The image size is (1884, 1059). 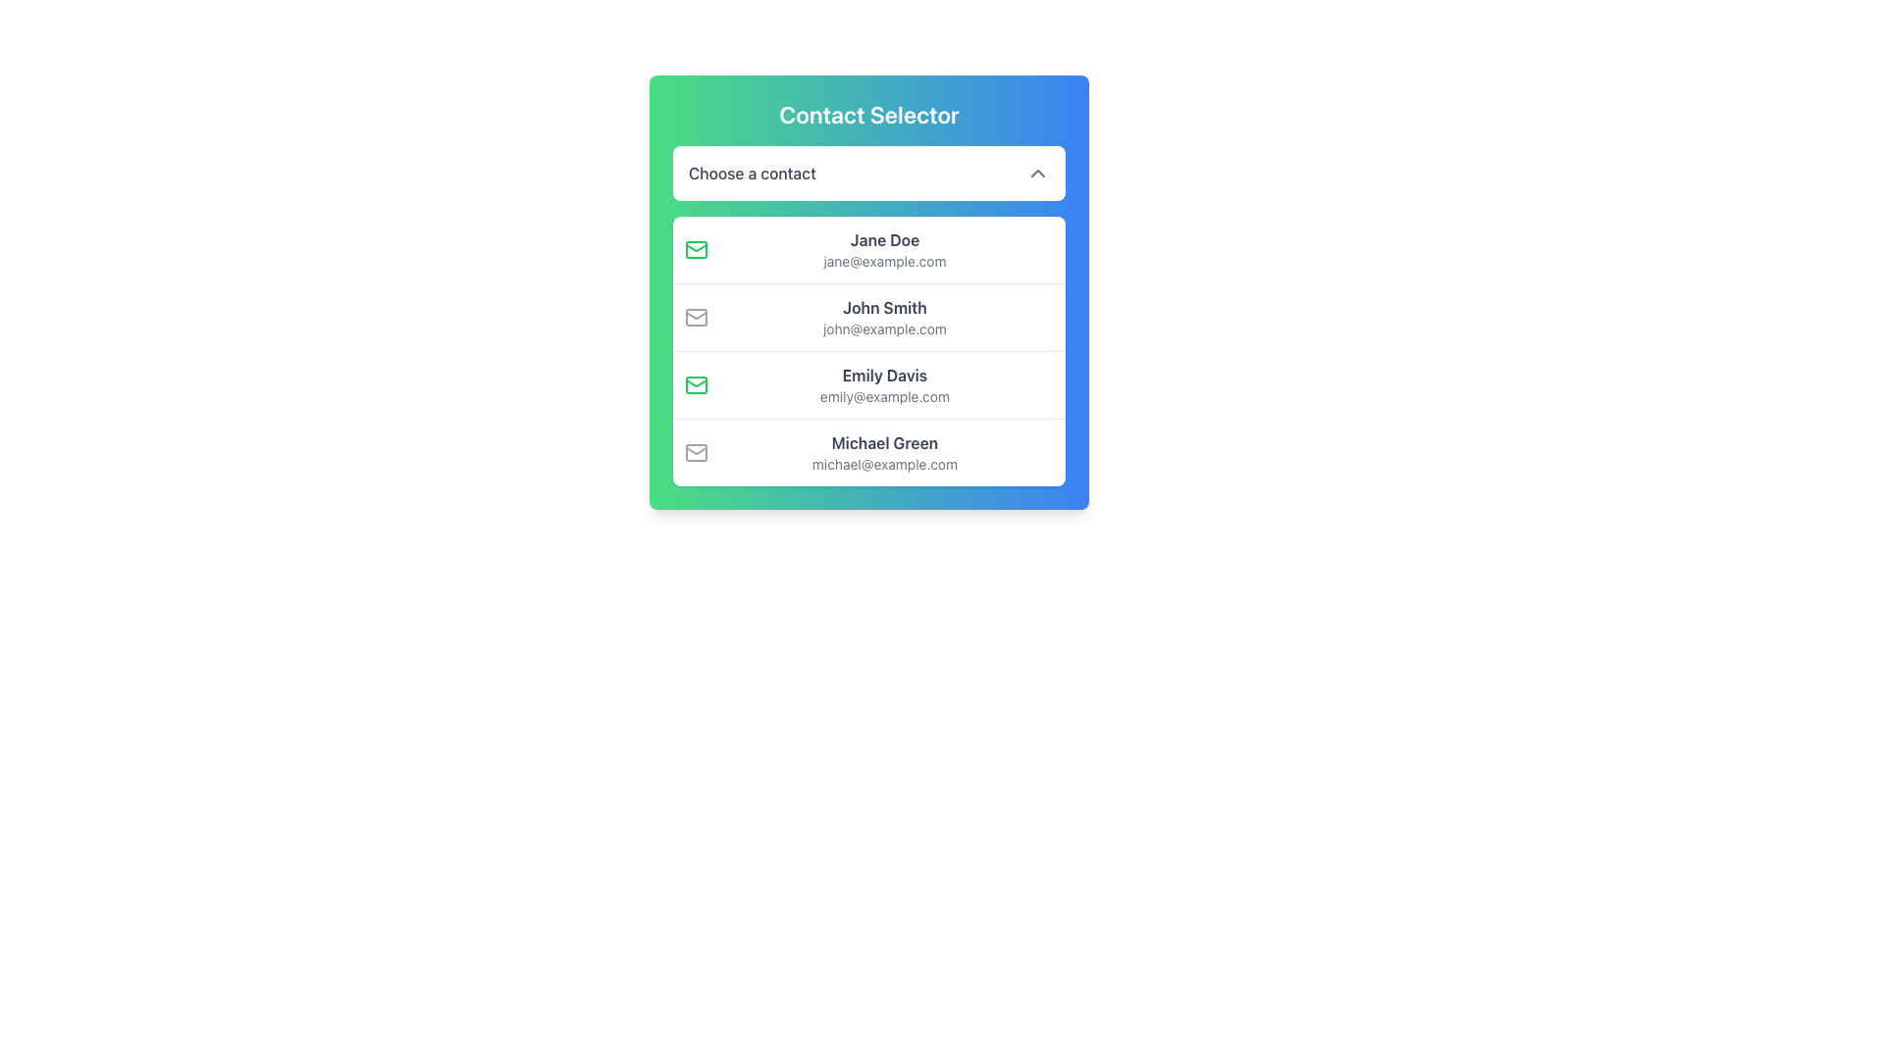 What do you see at coordinates (884, 465) in the screenshot?
I see `the email address label displaying the contact details for 'Michael Green', which is the last entry in a horizontal list of contacts` at bounding box center [884, 465].